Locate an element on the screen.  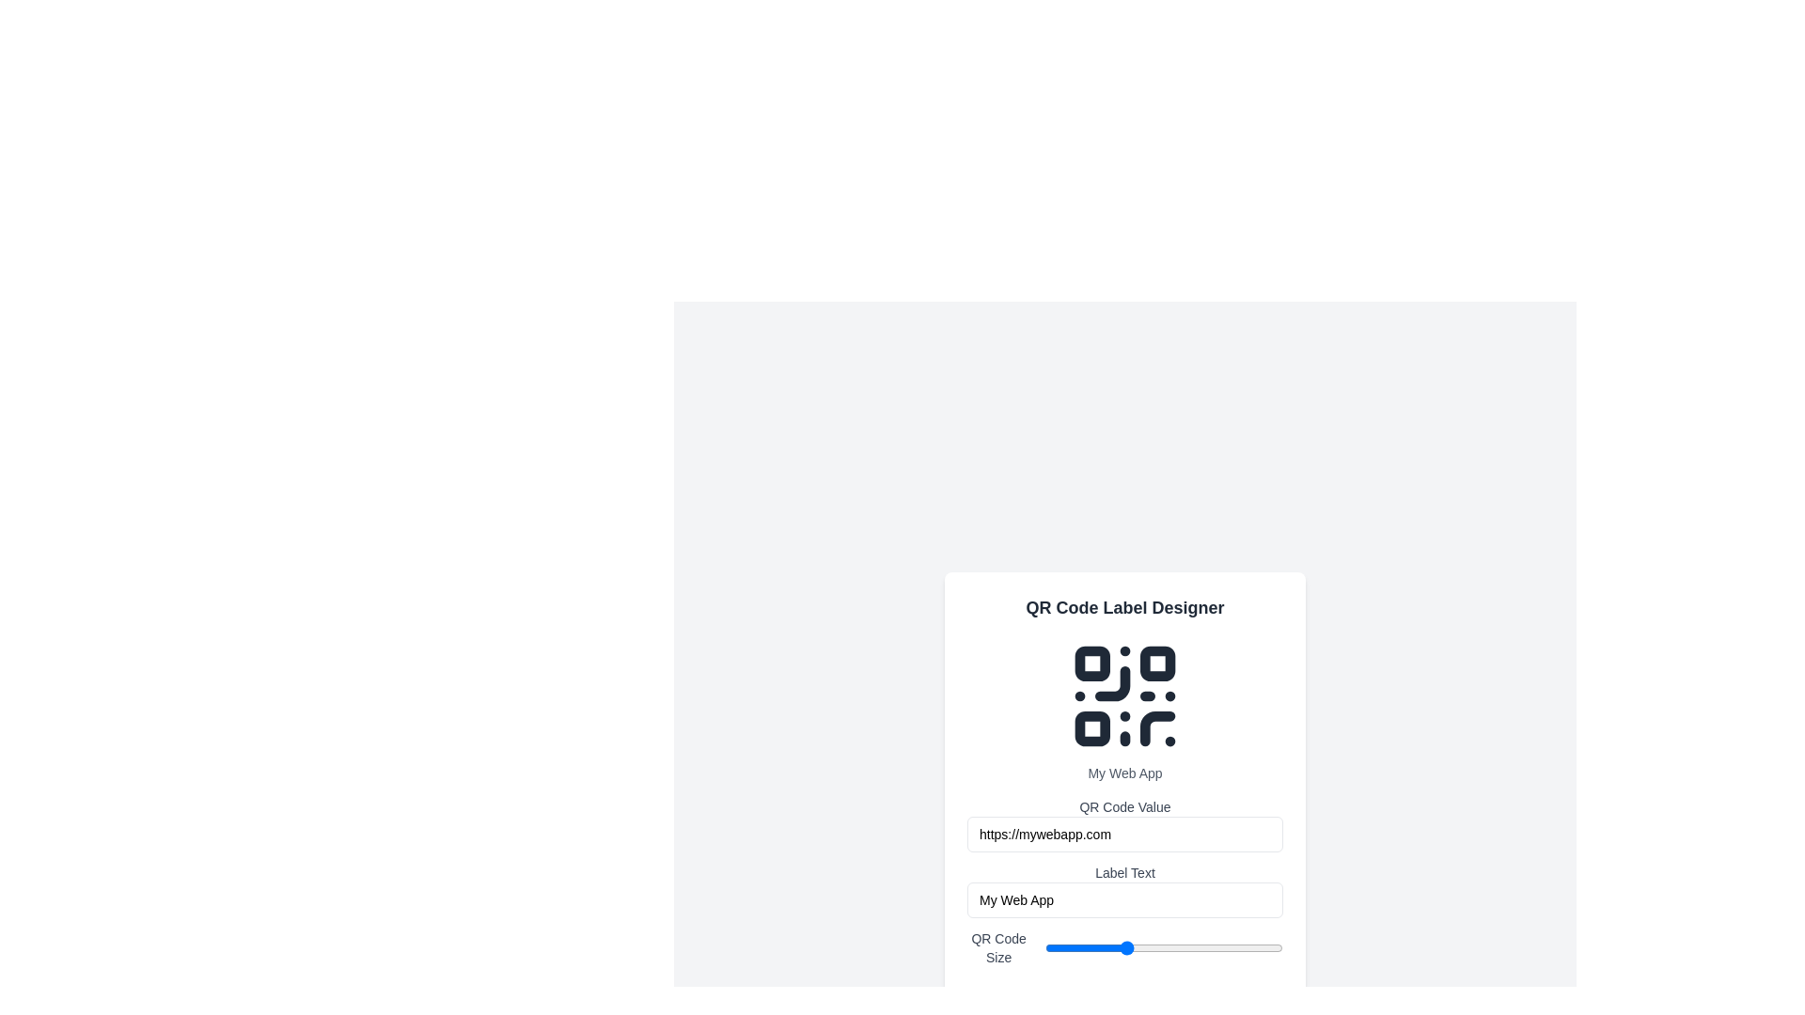
the QR code size is located at coordinates (1209, 948).